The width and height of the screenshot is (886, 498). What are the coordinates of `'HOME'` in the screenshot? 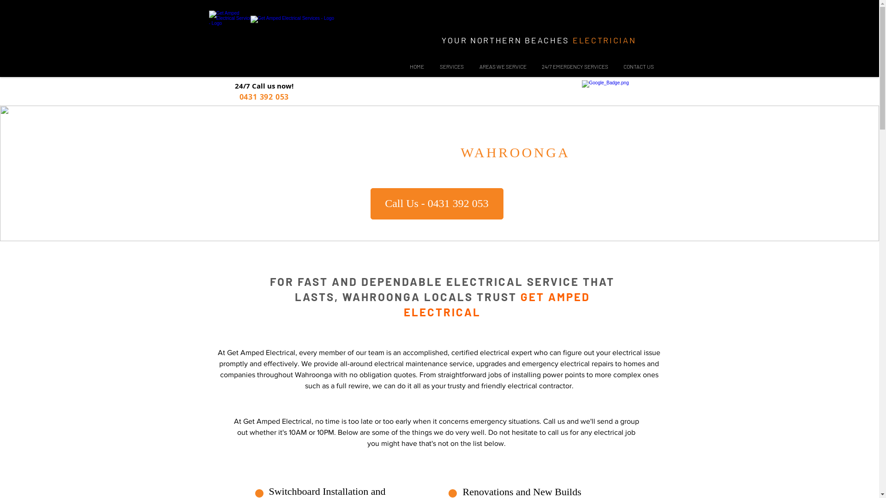 It's located at (416, 65).